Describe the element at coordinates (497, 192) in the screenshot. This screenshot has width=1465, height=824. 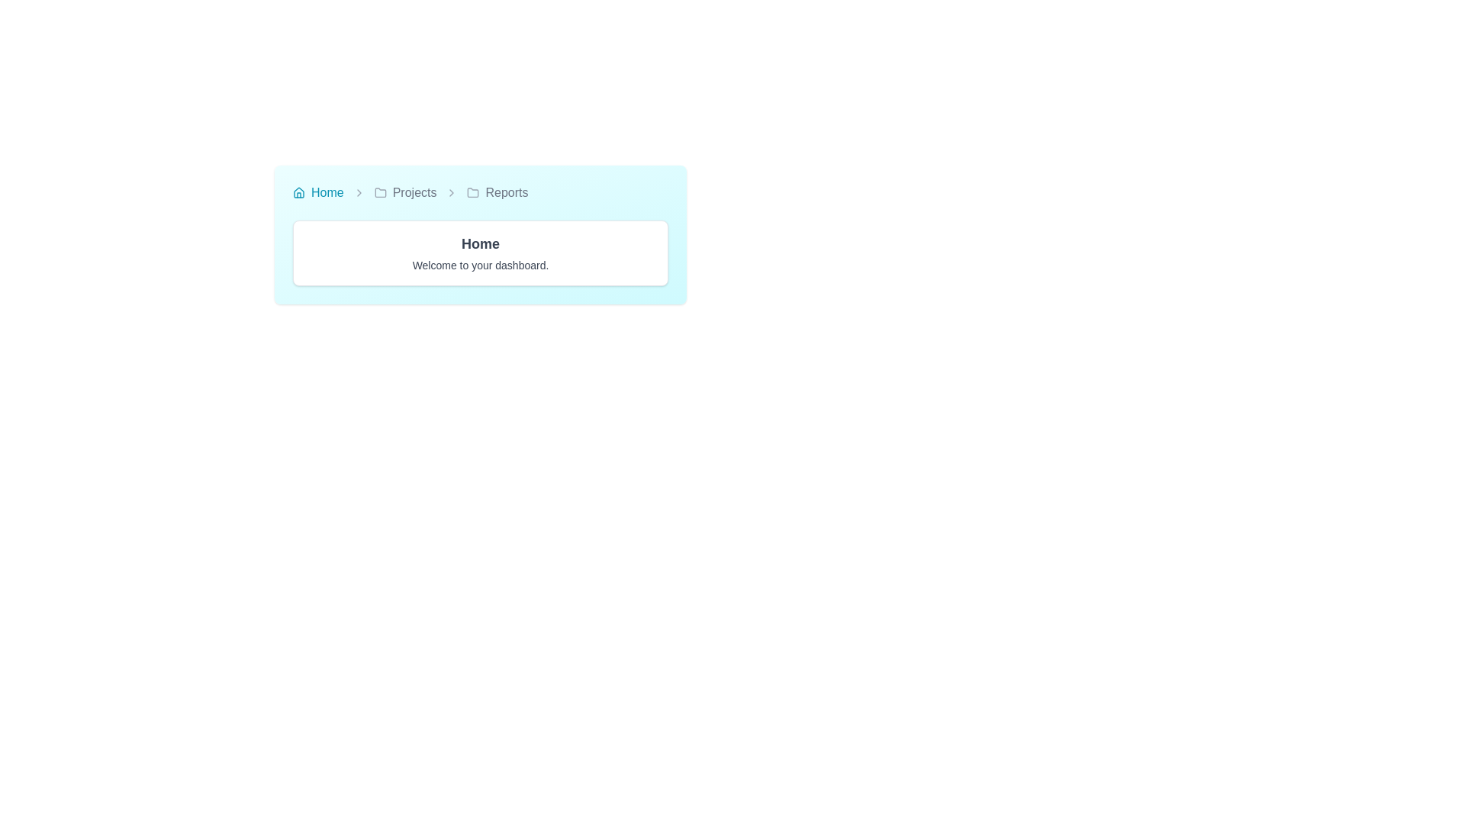
I see `the 'Reports' breadcrumb link with an icon` at that location.